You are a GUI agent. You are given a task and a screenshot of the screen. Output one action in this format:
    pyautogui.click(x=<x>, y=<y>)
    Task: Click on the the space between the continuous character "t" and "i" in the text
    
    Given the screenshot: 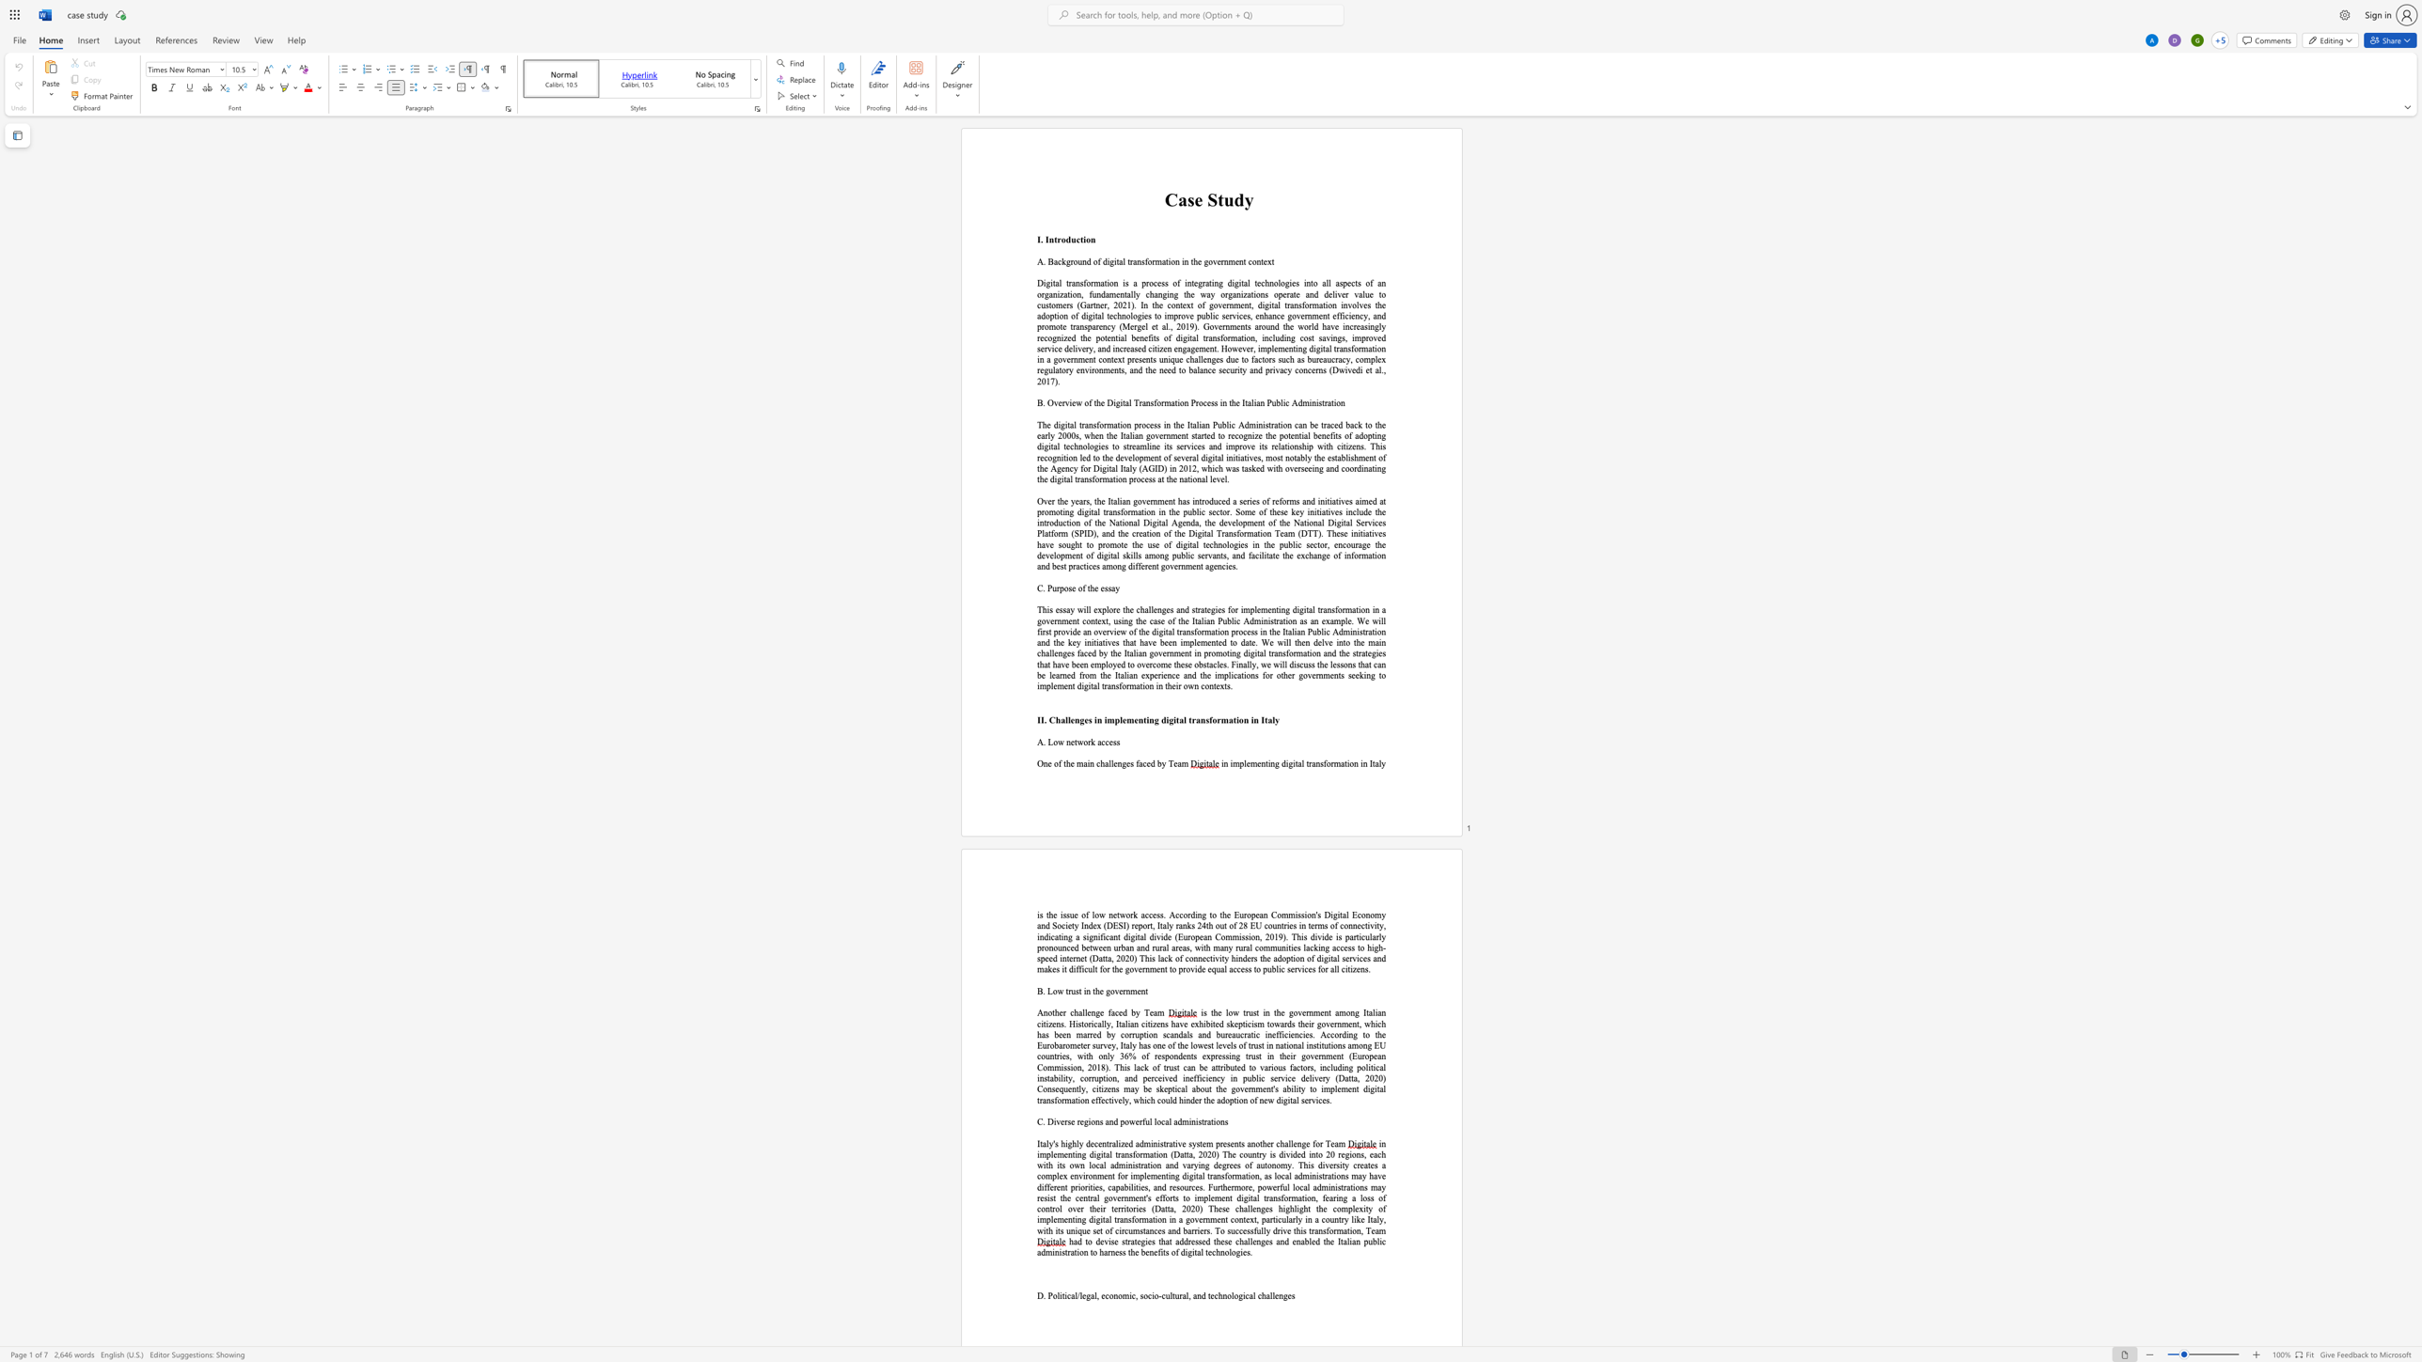 What is the action you would take?
    pyautogui.click(x=1061, y=936)
    